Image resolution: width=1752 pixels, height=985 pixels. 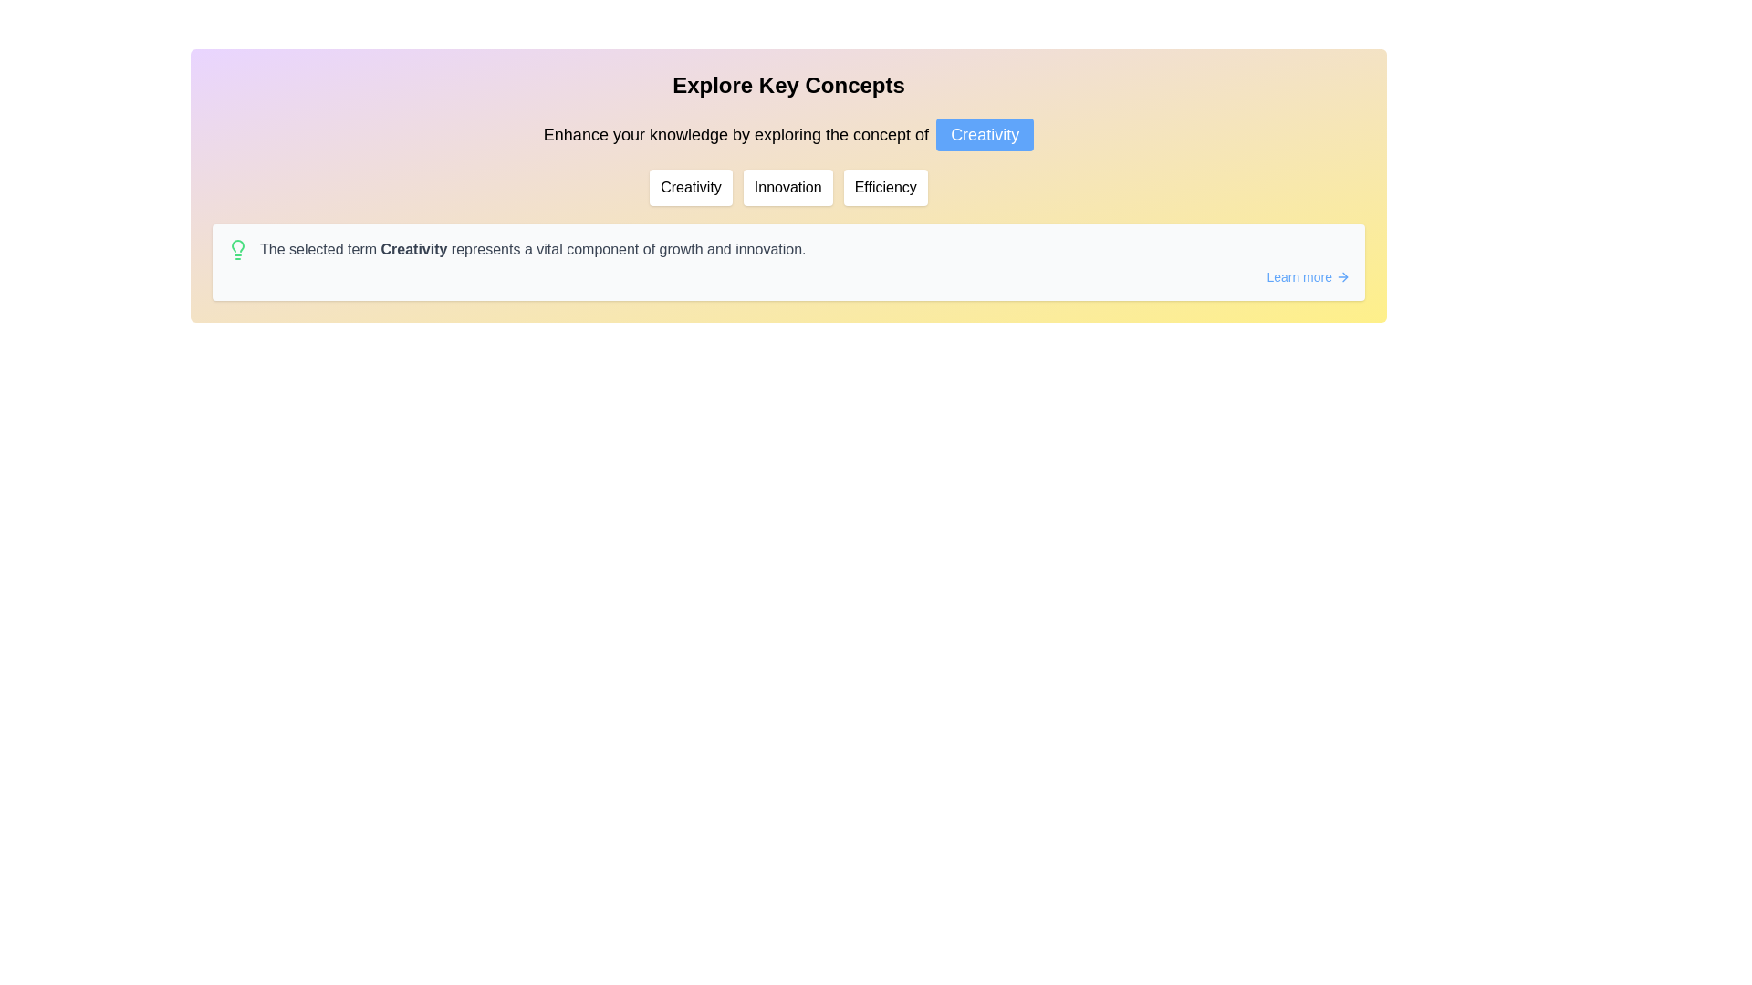 What do you see at coordinates (885, 187) in the screenshot?
I see `the 'Efficiency' button, the third button in a sequence of three buttons labeled 'Creativity', 'Innovation', and 'Efficiency', located in the upper section of the interface` at bounding box center [885, 187].